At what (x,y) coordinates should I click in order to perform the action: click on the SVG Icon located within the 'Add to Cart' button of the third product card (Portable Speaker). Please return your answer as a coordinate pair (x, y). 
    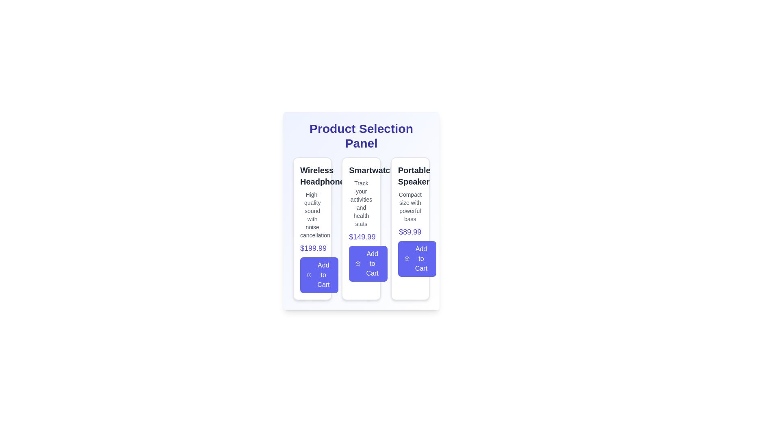
    Looking at the image, I should click on (407, 259).